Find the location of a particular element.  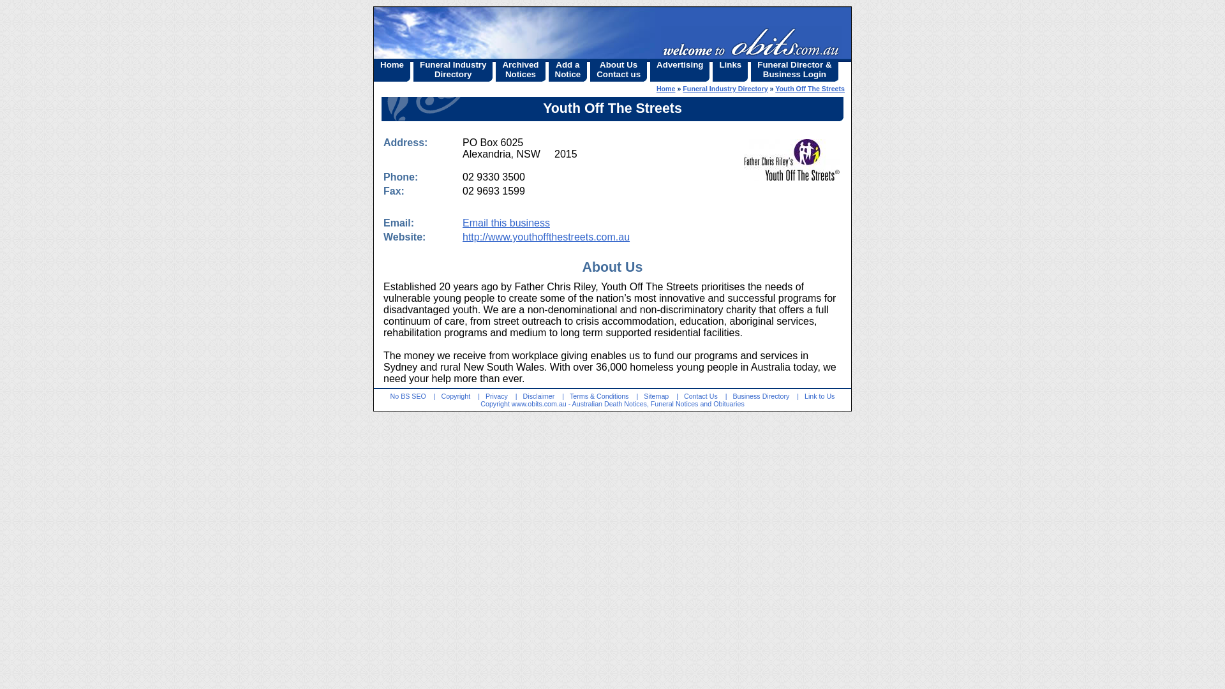

'Disclaimer' is located at coordinates (517, 396).